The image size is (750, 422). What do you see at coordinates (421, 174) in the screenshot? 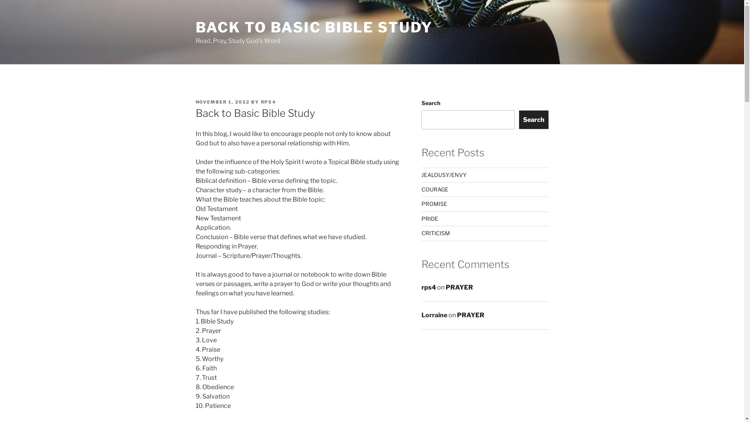
I see `'JEALOUSY/ENVY'` at bounding box center [421, 174].